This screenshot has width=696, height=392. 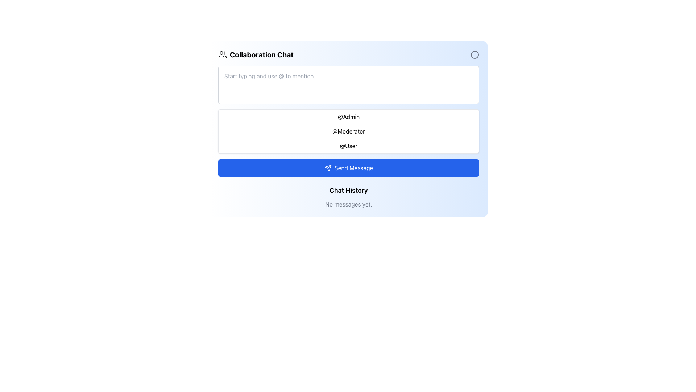 I want to click on the static text label indicating there are currently no messages in the chat history, which is centrally located under the 'Chat History' heading, so click(x=348, y=204).